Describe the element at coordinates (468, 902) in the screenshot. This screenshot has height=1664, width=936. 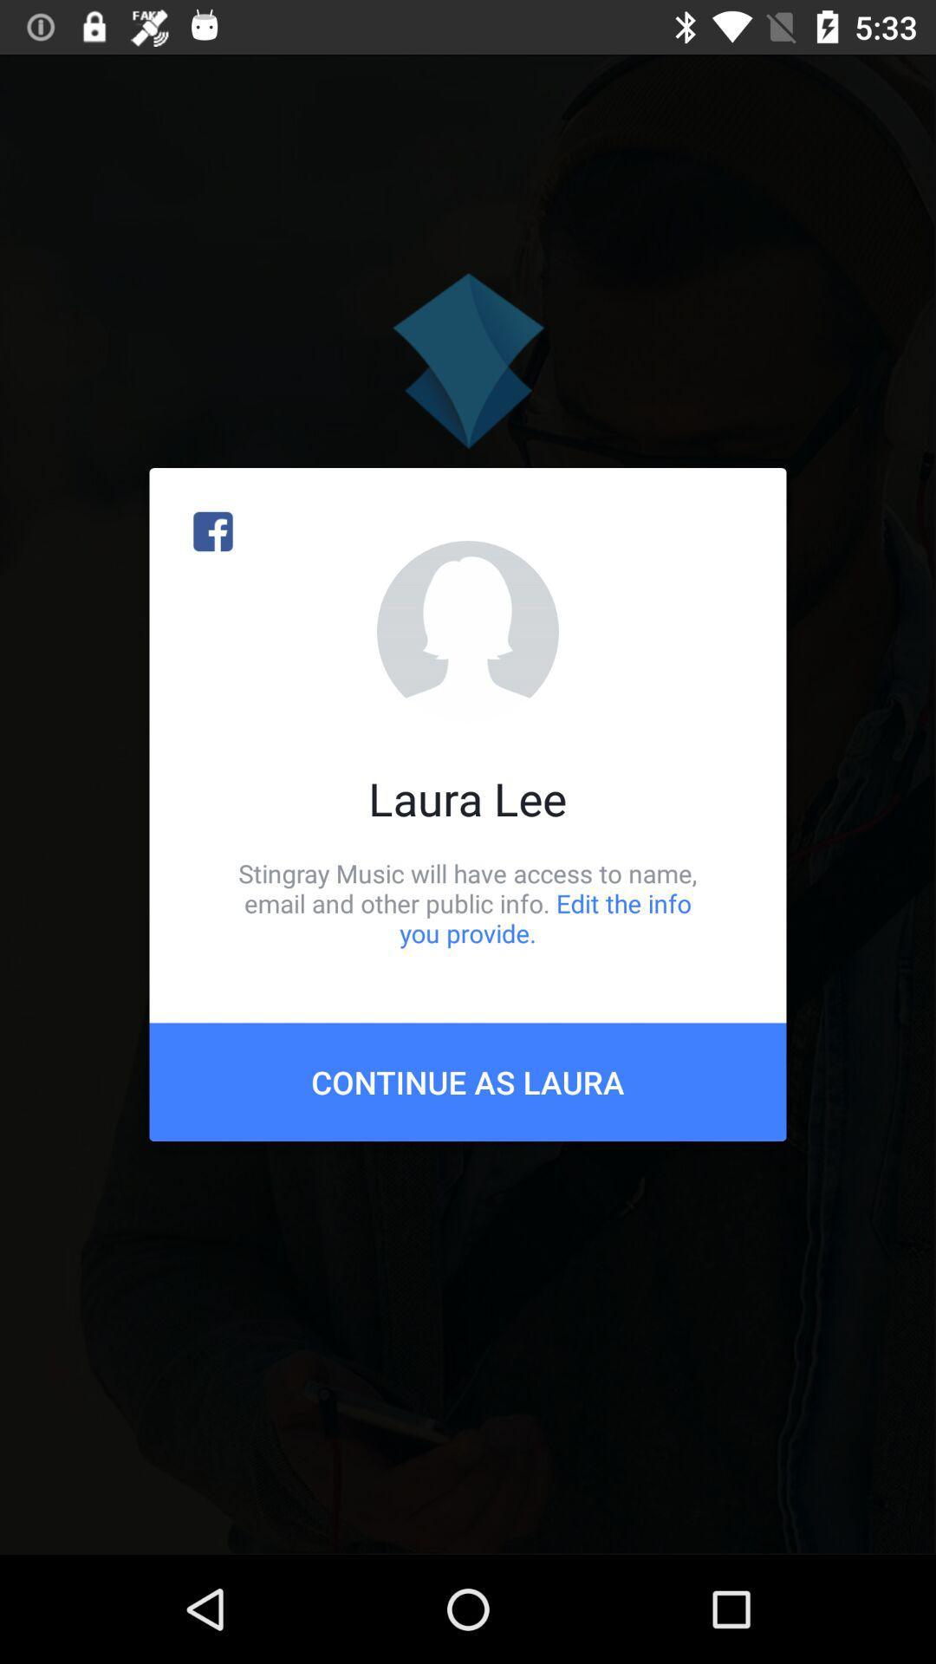
I see `icon below laura lee item` at that location.